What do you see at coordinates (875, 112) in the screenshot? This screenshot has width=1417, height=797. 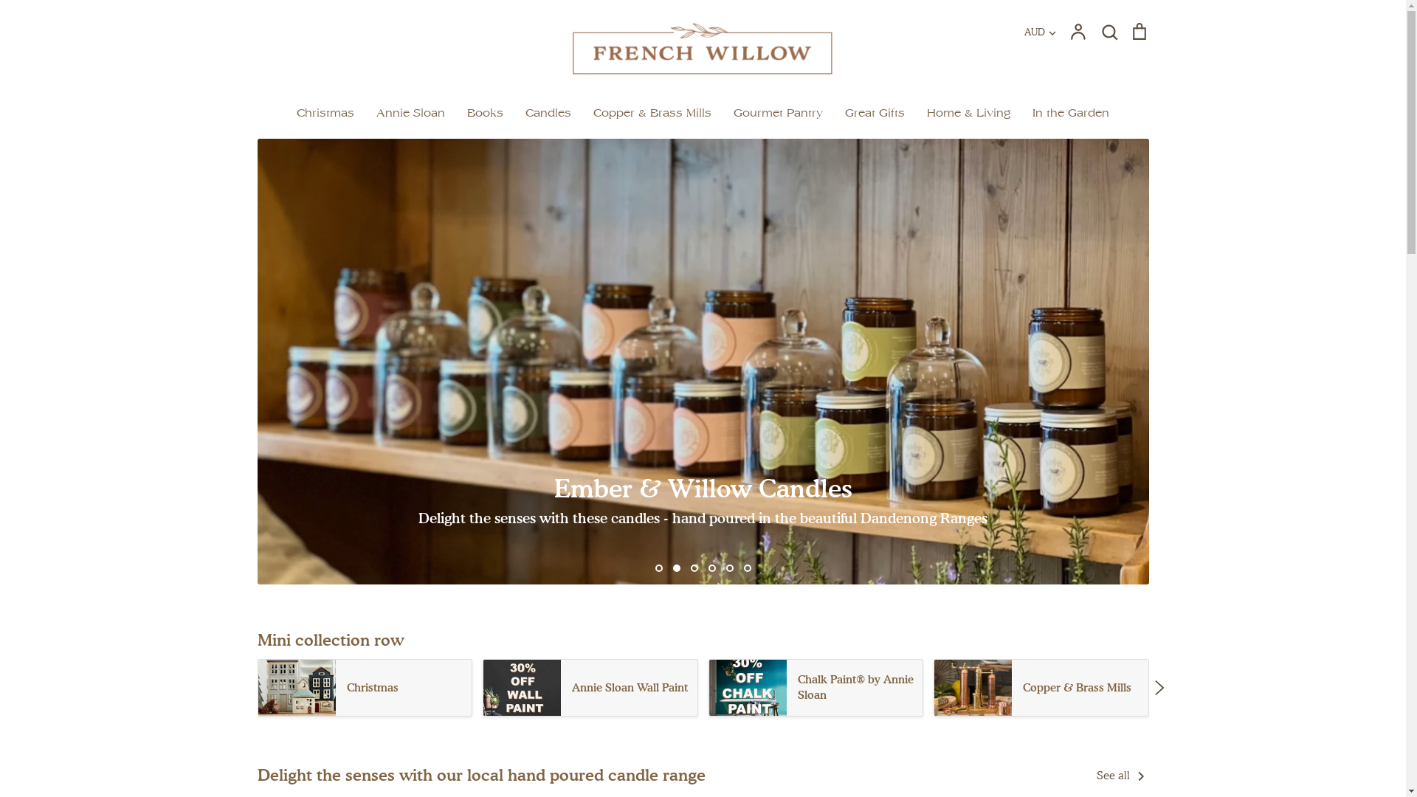 I see `'Great Gifts'` at bounding box center [875, 112].